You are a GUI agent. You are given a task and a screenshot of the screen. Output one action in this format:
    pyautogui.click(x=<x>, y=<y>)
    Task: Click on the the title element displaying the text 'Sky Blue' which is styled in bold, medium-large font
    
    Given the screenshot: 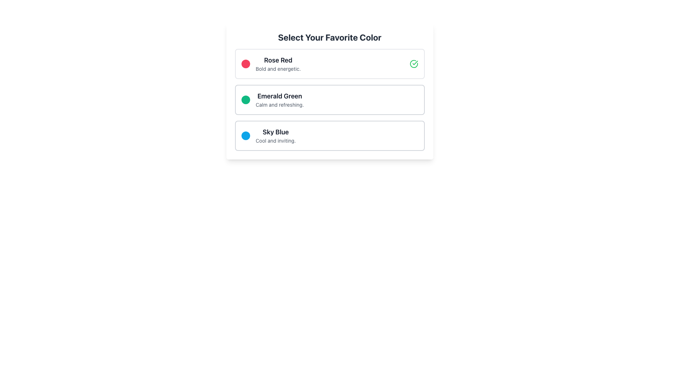 What is the action you would take?
    pyautogui.click(x=275, y=132)
    